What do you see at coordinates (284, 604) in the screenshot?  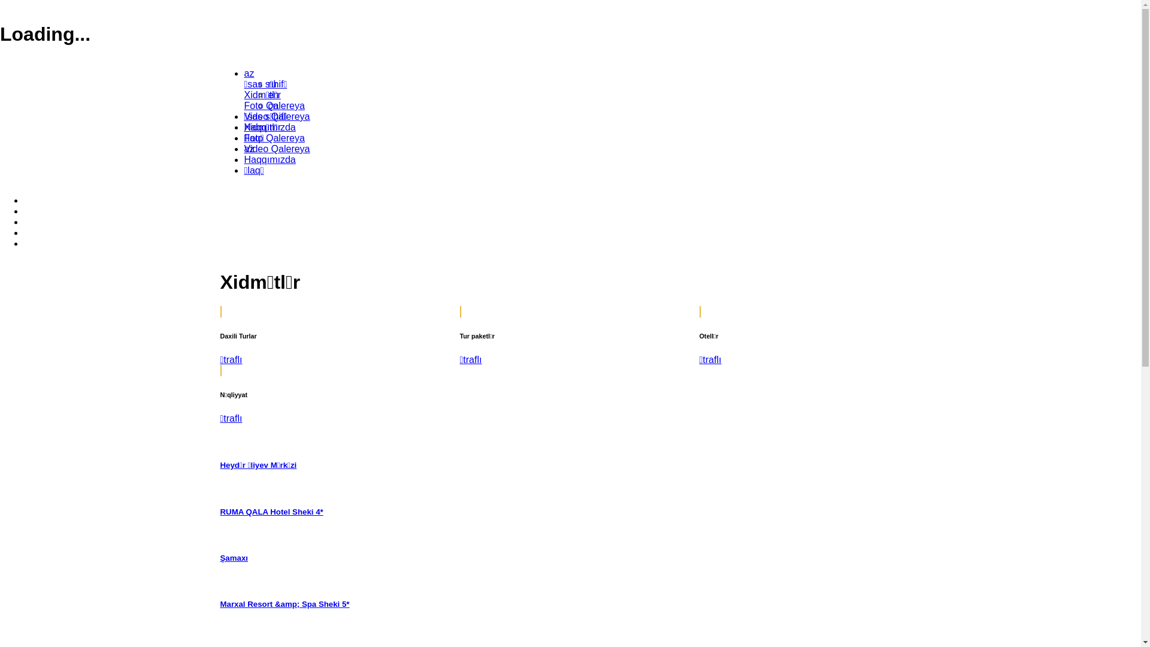 I see `'Marxal Resort &amp; Spa Sheki 5*'` at bounding box center [284, 604].